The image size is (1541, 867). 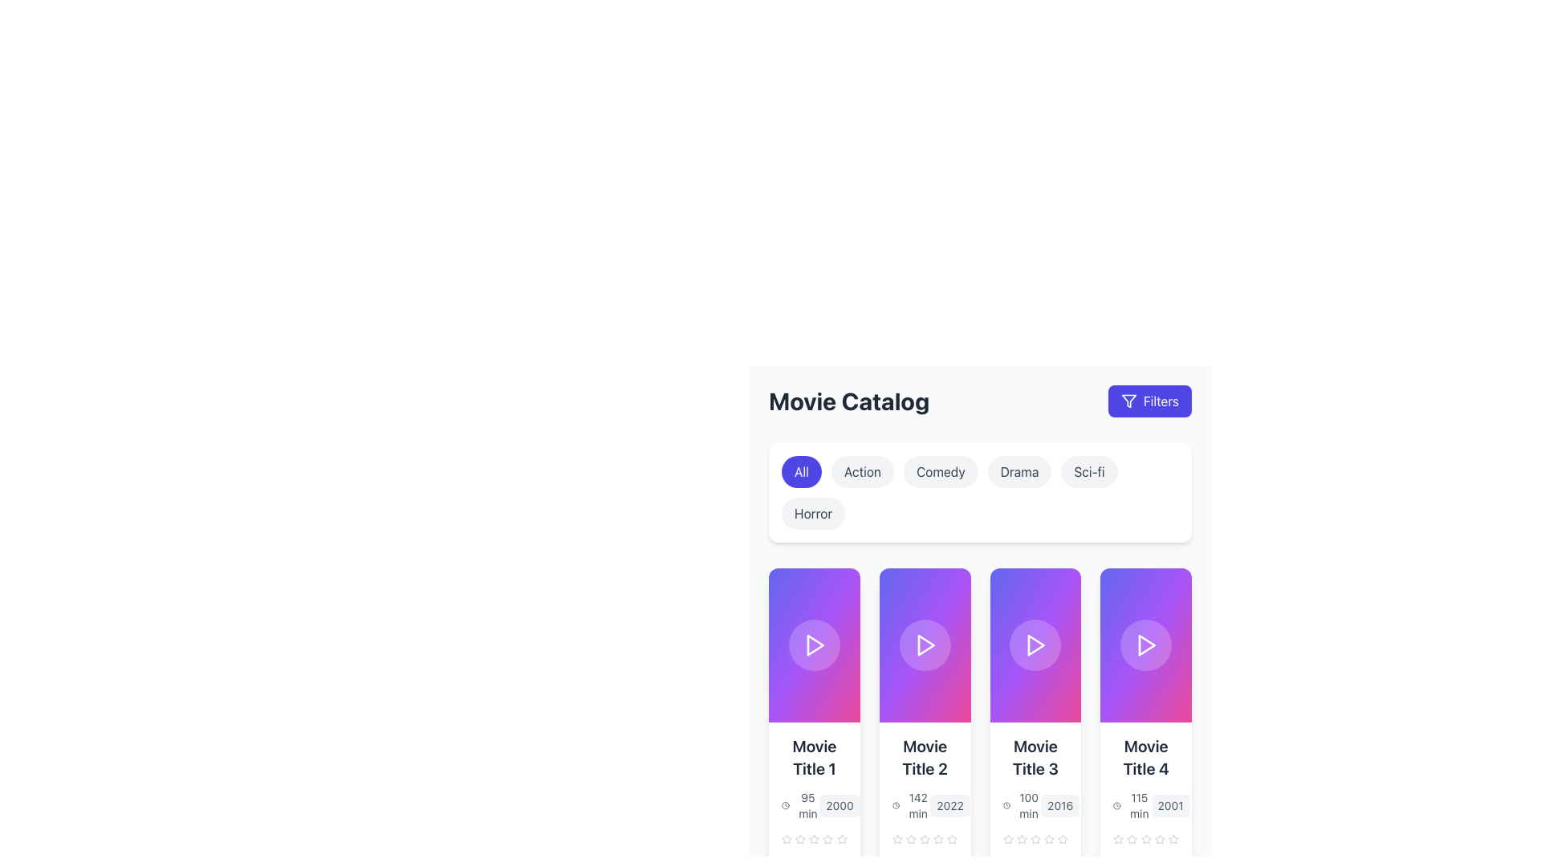 What do you see at coordinates (1035, 838) in the screenshot?
I see `the star in the rating component for 'Movie Title 3' to set a rating` at bounding box center [1035, 838].